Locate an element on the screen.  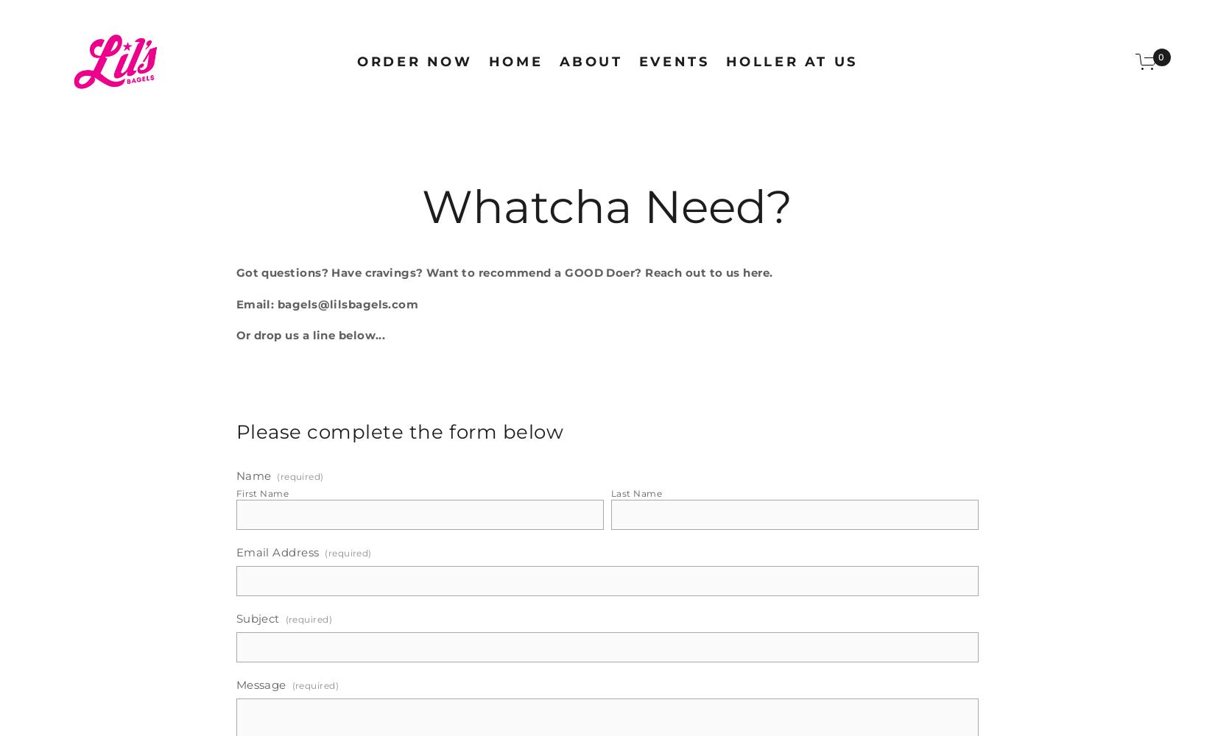
'Name' is located at coordinates (253, 475).